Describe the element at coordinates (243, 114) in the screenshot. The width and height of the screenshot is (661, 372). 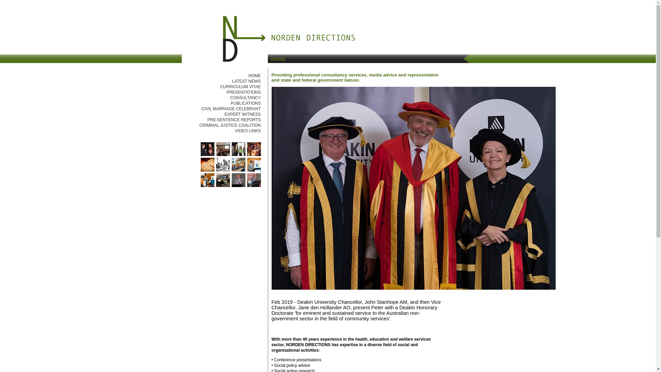
I see `'EXPERT WITNESS'` at that location.